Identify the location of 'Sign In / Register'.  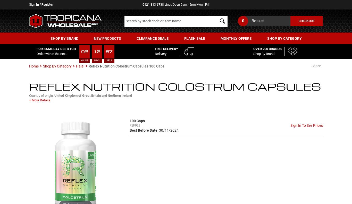
(41, 4).